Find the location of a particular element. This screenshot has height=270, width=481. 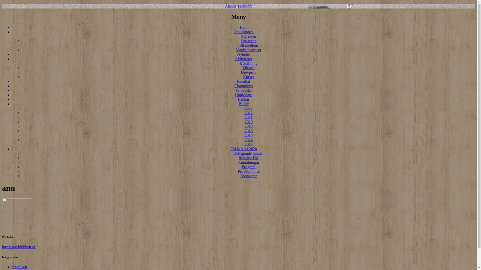

'Program' is located at coordinates (249, 167).